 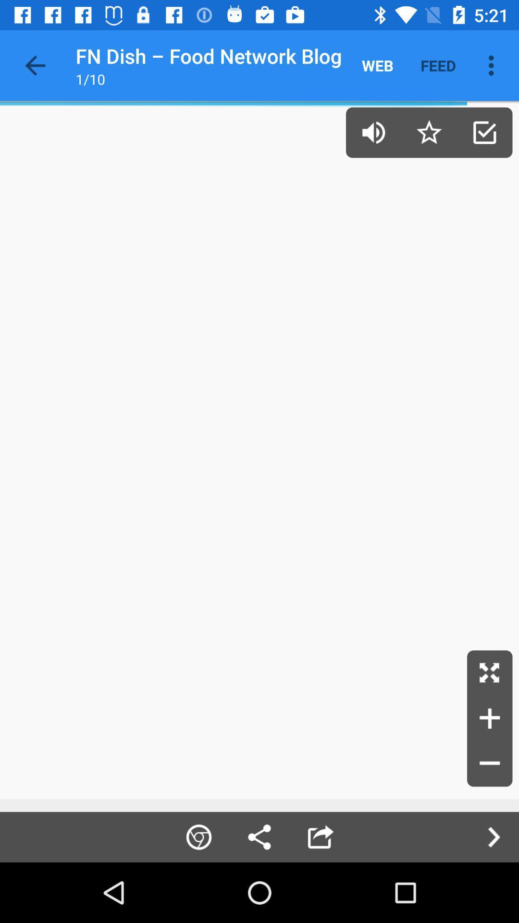 What do you see at coordinates (484, 132) in the screenshot?
I see `the check icon` at bounding box center [484, 132].